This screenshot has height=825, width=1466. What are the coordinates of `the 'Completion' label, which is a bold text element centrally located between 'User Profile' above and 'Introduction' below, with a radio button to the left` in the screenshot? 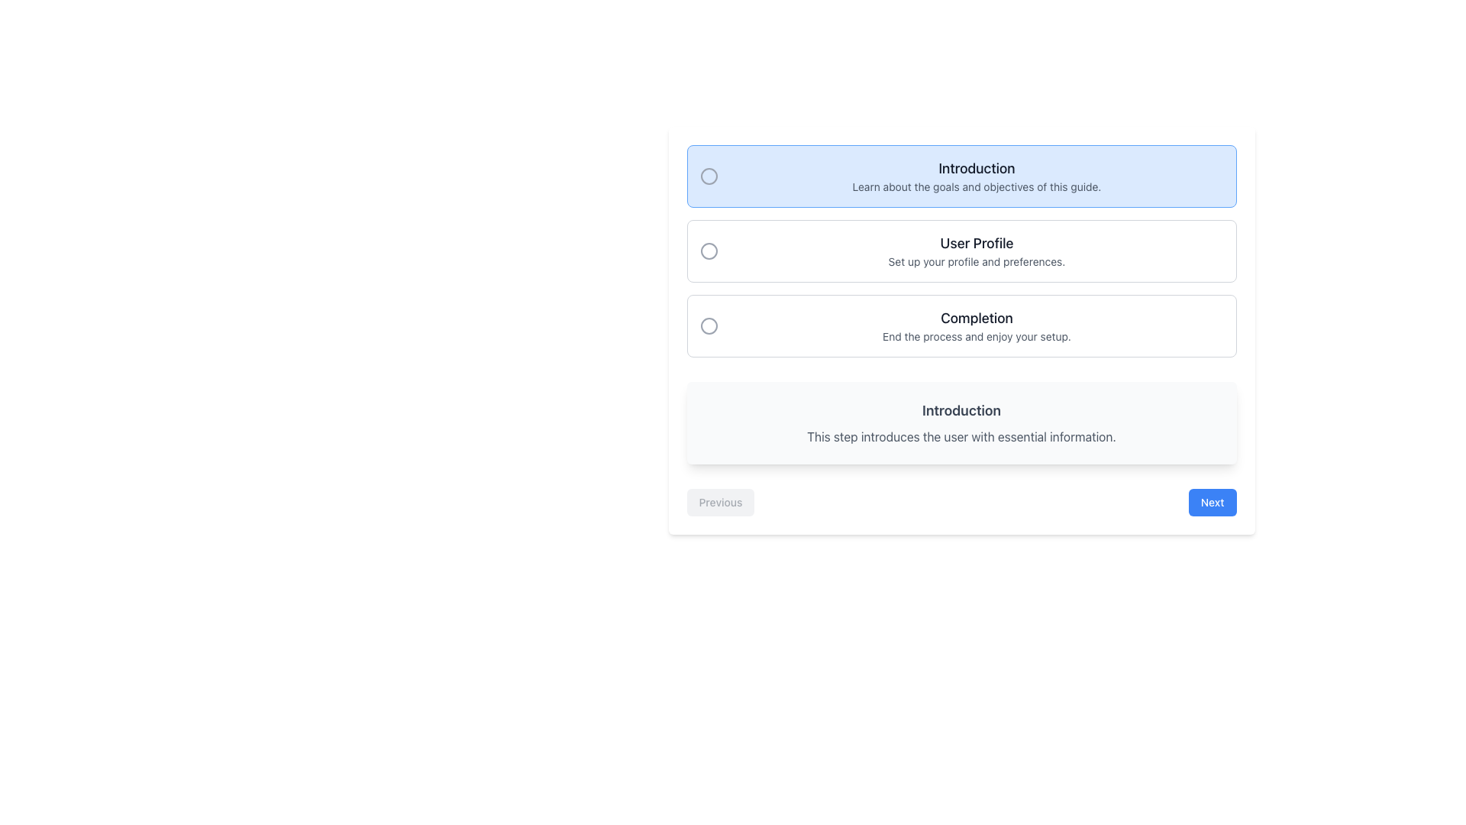 It's located at (976, 317).